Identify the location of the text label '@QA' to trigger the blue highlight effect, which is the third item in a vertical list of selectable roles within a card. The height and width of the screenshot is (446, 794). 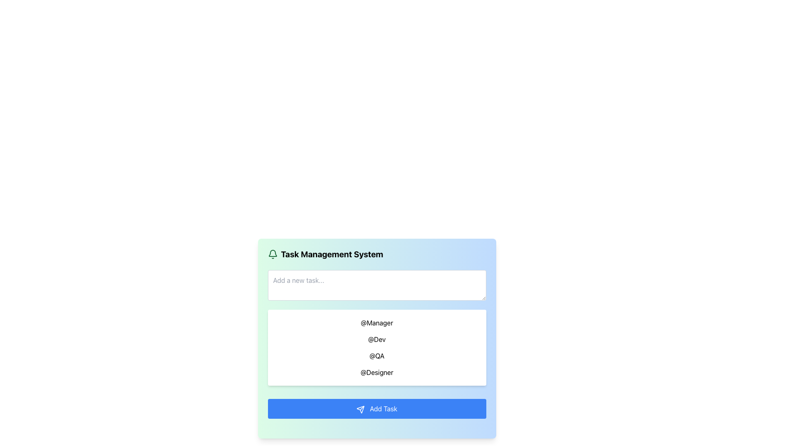
(376, 355).